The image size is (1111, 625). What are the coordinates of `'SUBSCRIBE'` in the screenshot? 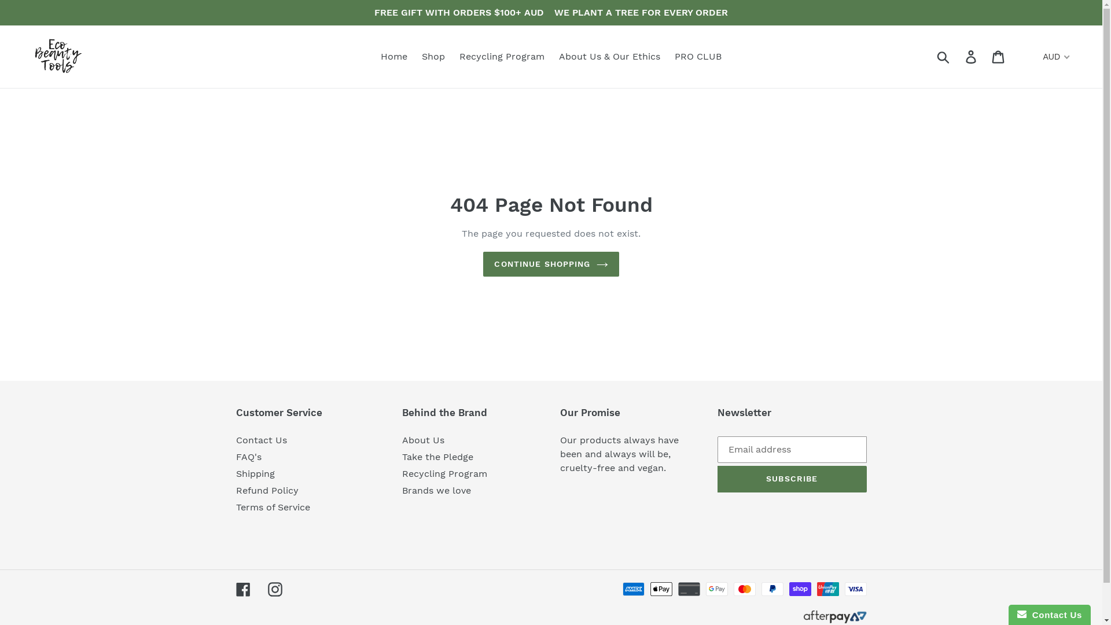 It's located at (716, 479).